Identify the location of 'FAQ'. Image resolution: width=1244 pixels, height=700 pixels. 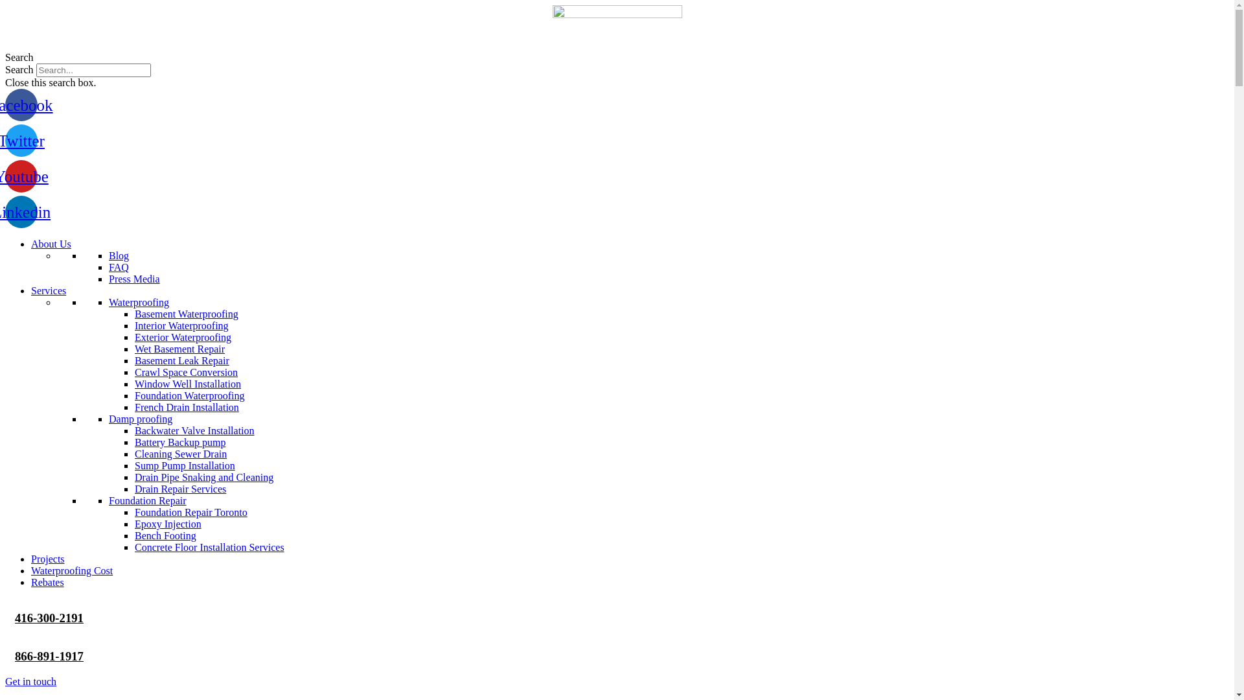
(119, 266).